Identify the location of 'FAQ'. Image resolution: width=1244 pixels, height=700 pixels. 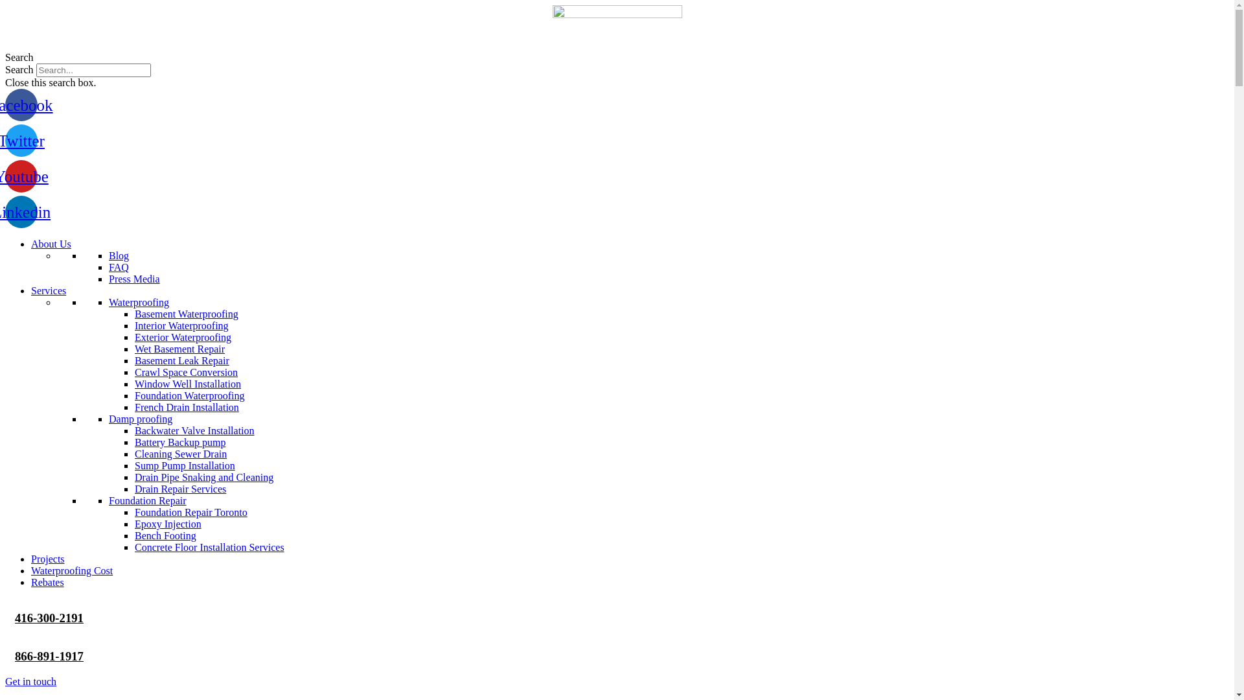
(119, 266).